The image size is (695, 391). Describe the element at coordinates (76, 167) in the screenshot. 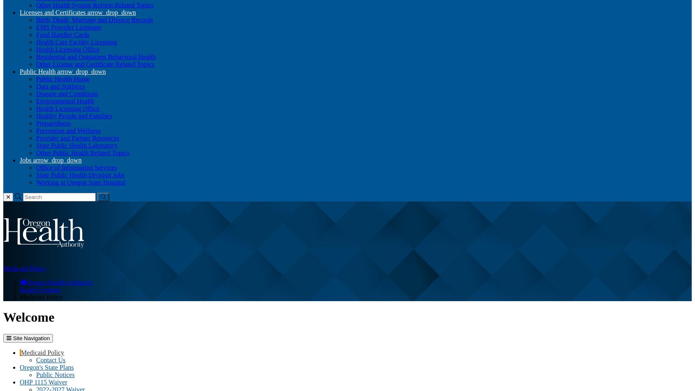

I see `'Office of Information Services'` at that location.